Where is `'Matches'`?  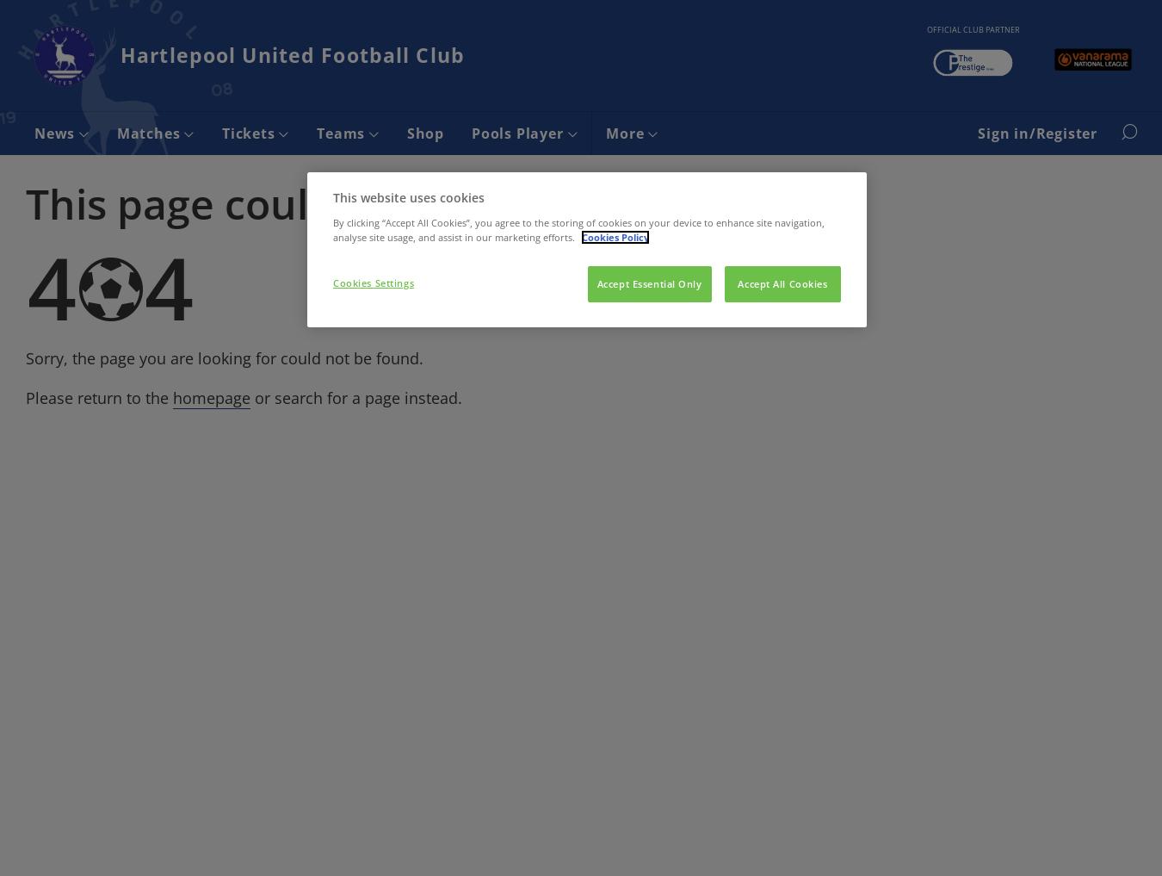
'Matches' is located at coordinates (150, 132).